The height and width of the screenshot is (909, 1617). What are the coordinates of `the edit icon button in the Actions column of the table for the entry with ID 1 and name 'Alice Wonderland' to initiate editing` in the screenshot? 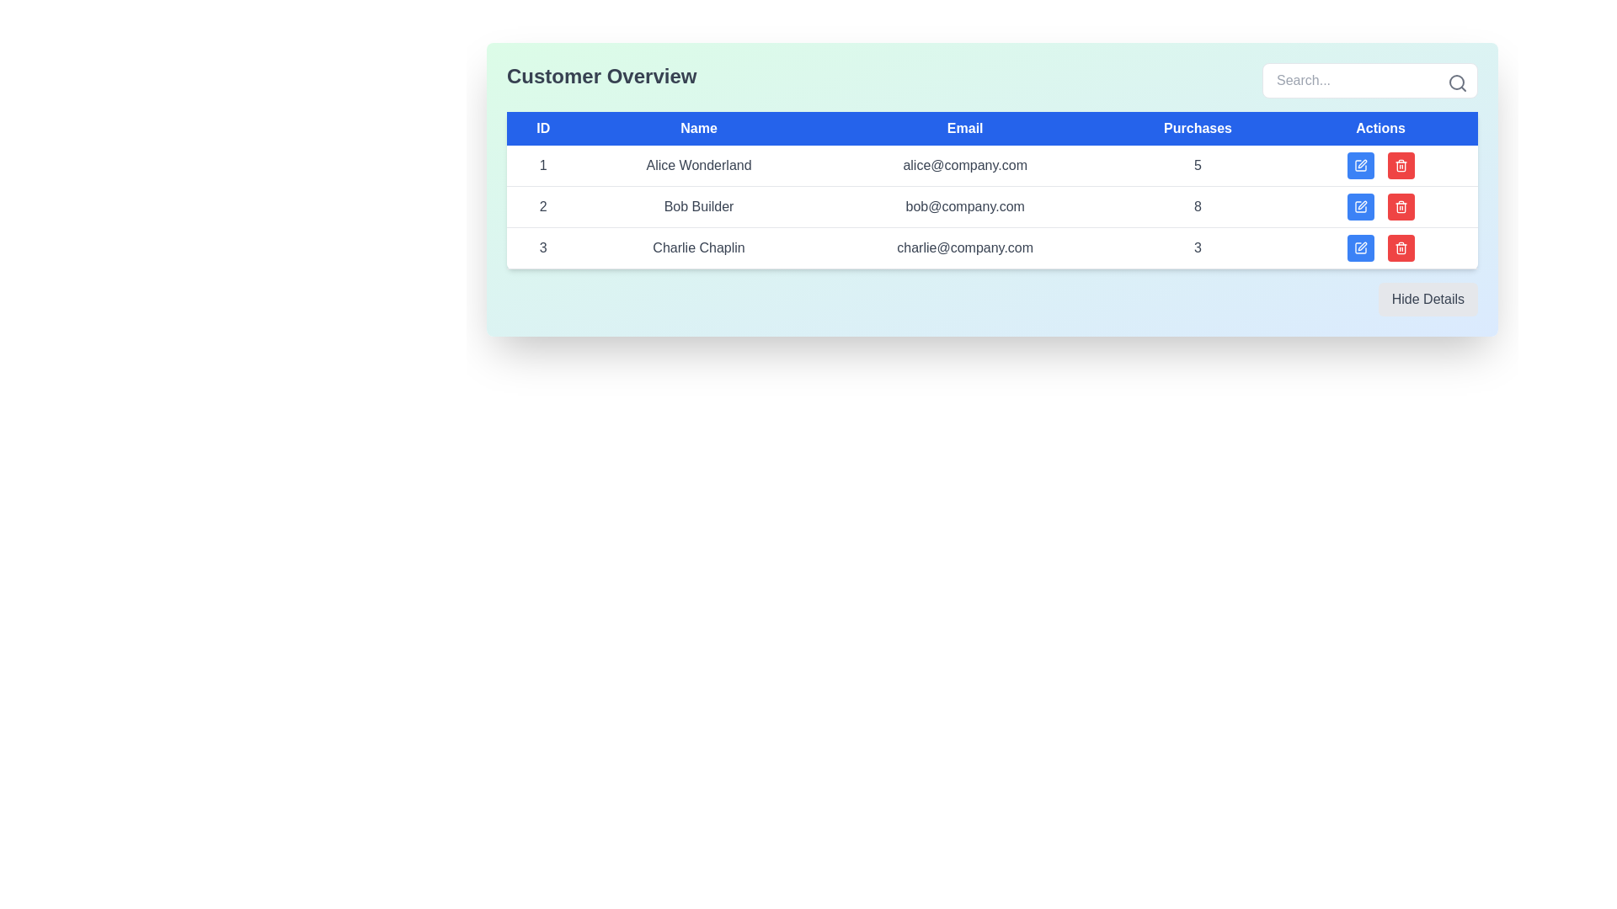 It's located at (1360, 165).